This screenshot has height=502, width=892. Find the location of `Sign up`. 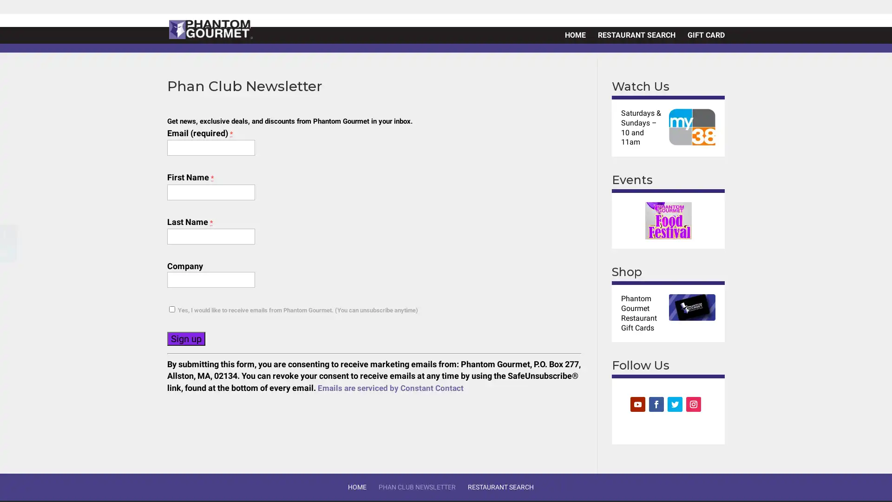

Sign up is located at coordinates (186, 339).